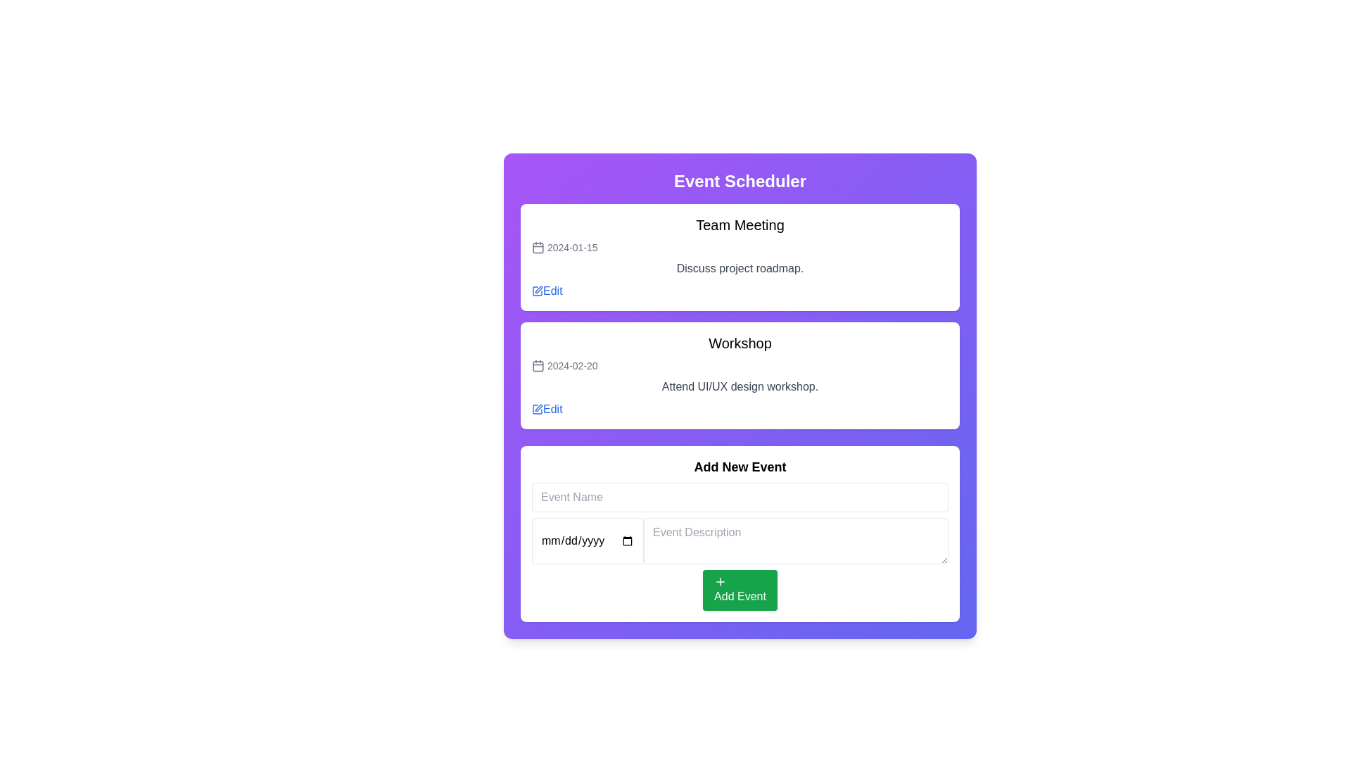 Image resolution: width=1351 pixels, height=760 pixels. Describe the element at coordinates (536, 410) in the screenshot. I see `the small blue pencil icon next to the 'Edit' text` at that location.